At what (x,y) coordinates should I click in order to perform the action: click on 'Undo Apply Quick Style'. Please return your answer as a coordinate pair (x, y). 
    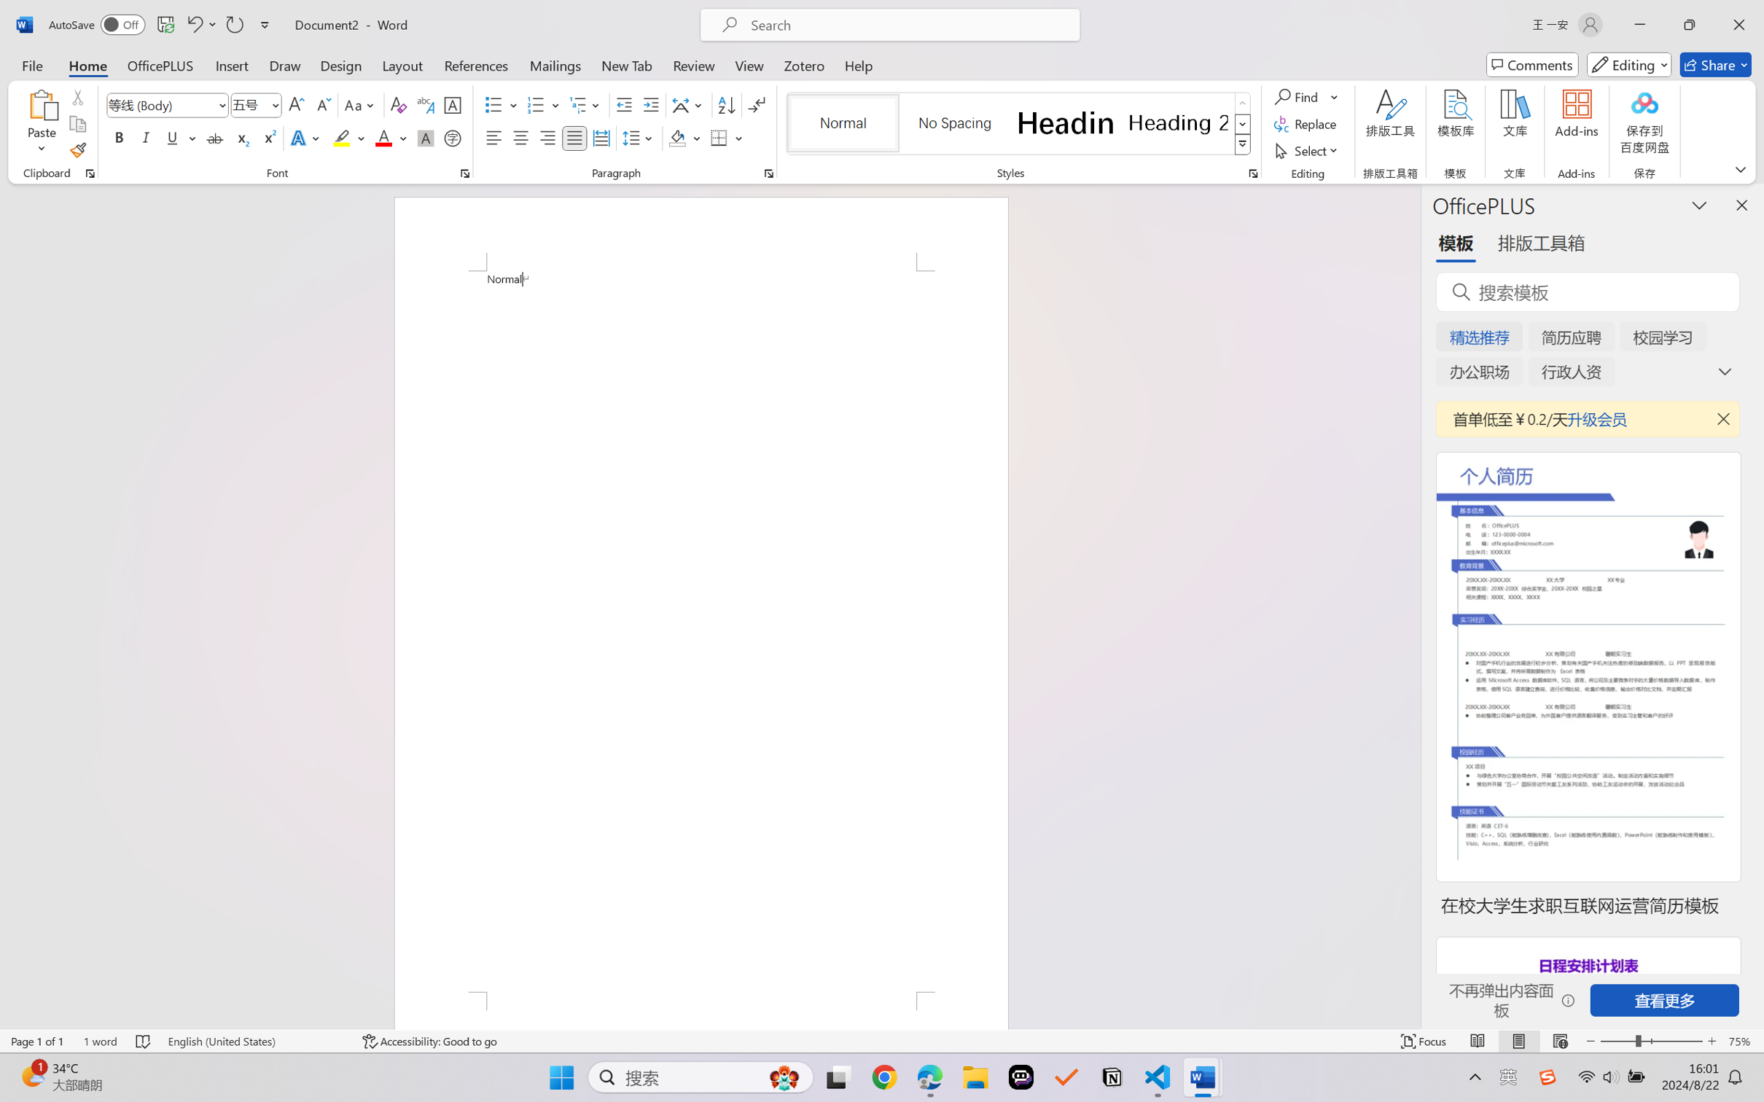
    Looking at the image, I should click on (193, 24).